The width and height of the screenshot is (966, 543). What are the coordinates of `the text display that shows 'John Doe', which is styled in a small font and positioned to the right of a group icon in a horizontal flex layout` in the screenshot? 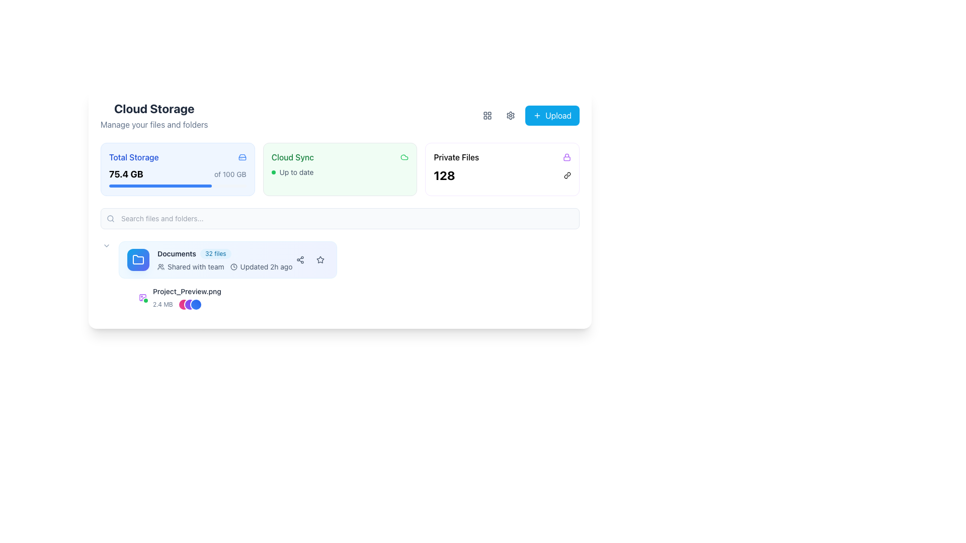 It's located at (155, 187).